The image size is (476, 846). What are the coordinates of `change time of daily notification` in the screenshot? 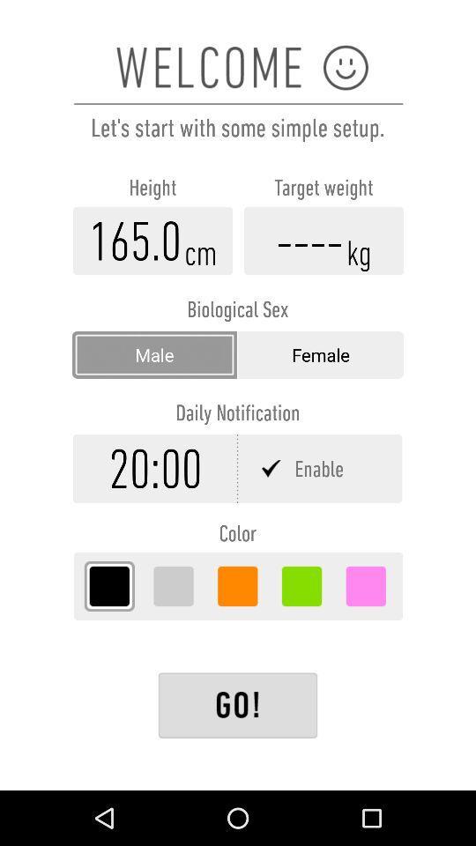 It's located at (155, 467).